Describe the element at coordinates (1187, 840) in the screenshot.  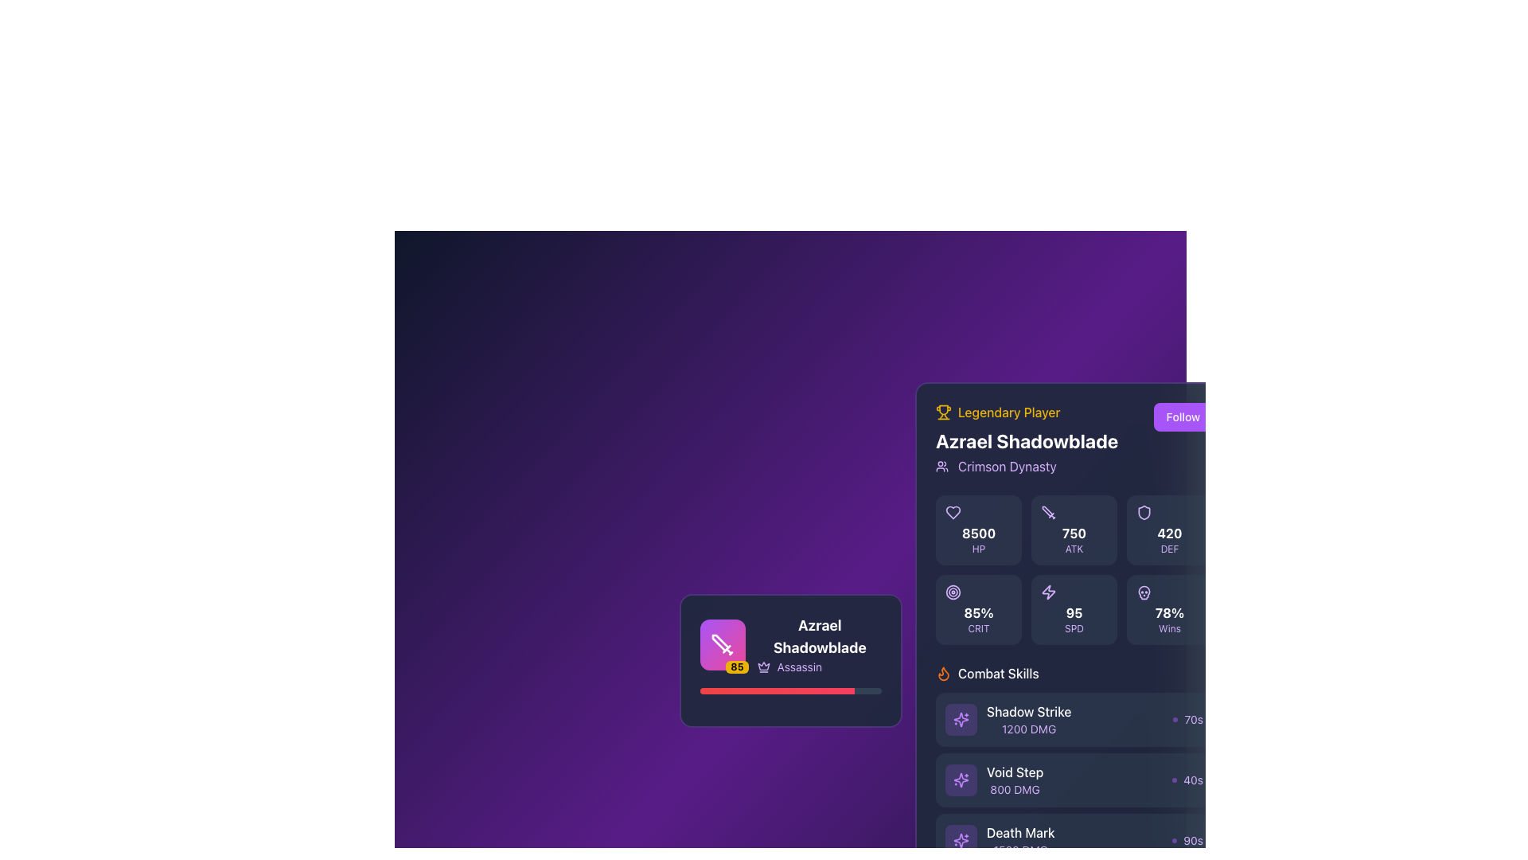
I see `the informational text label indicating the cooldown duration of the skill 'Death Mark'` at that location.